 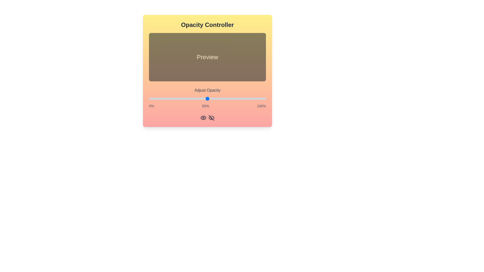 What do you see at coordinates (211, 118) in the screenshot?
I see `the 'Eye Off' icon to toggle the visibility state` at bounding box center [211, 118].